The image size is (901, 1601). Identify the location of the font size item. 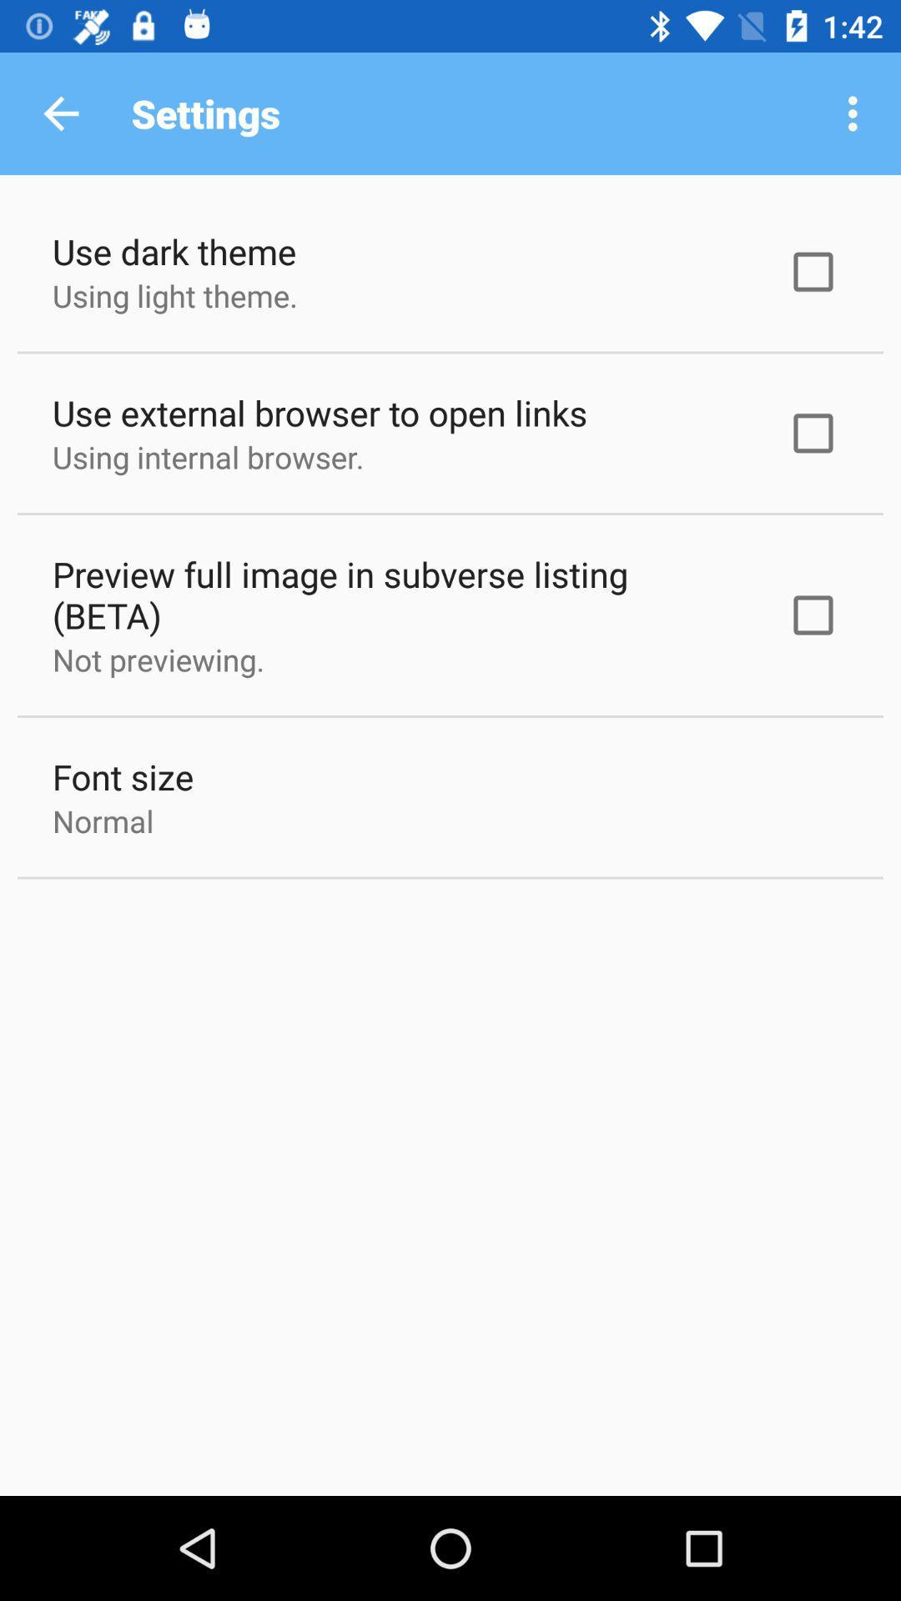
(122, 775).